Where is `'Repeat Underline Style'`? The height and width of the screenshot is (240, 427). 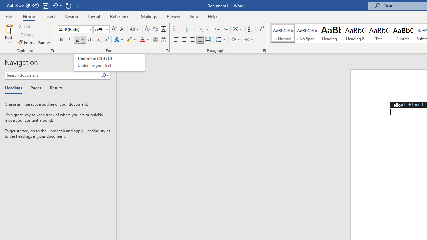
'Repeat Underline Style' is located at coordinates (68, 5).